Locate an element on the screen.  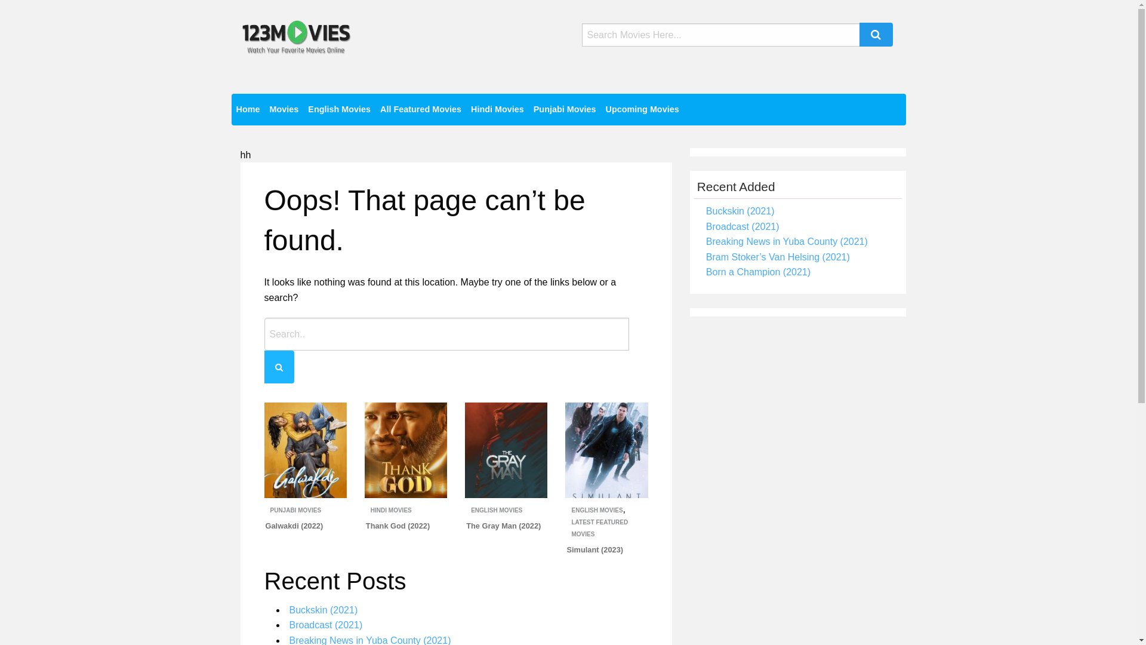
'ENGLISH MOVIES' is located at coordinates (496, 510).